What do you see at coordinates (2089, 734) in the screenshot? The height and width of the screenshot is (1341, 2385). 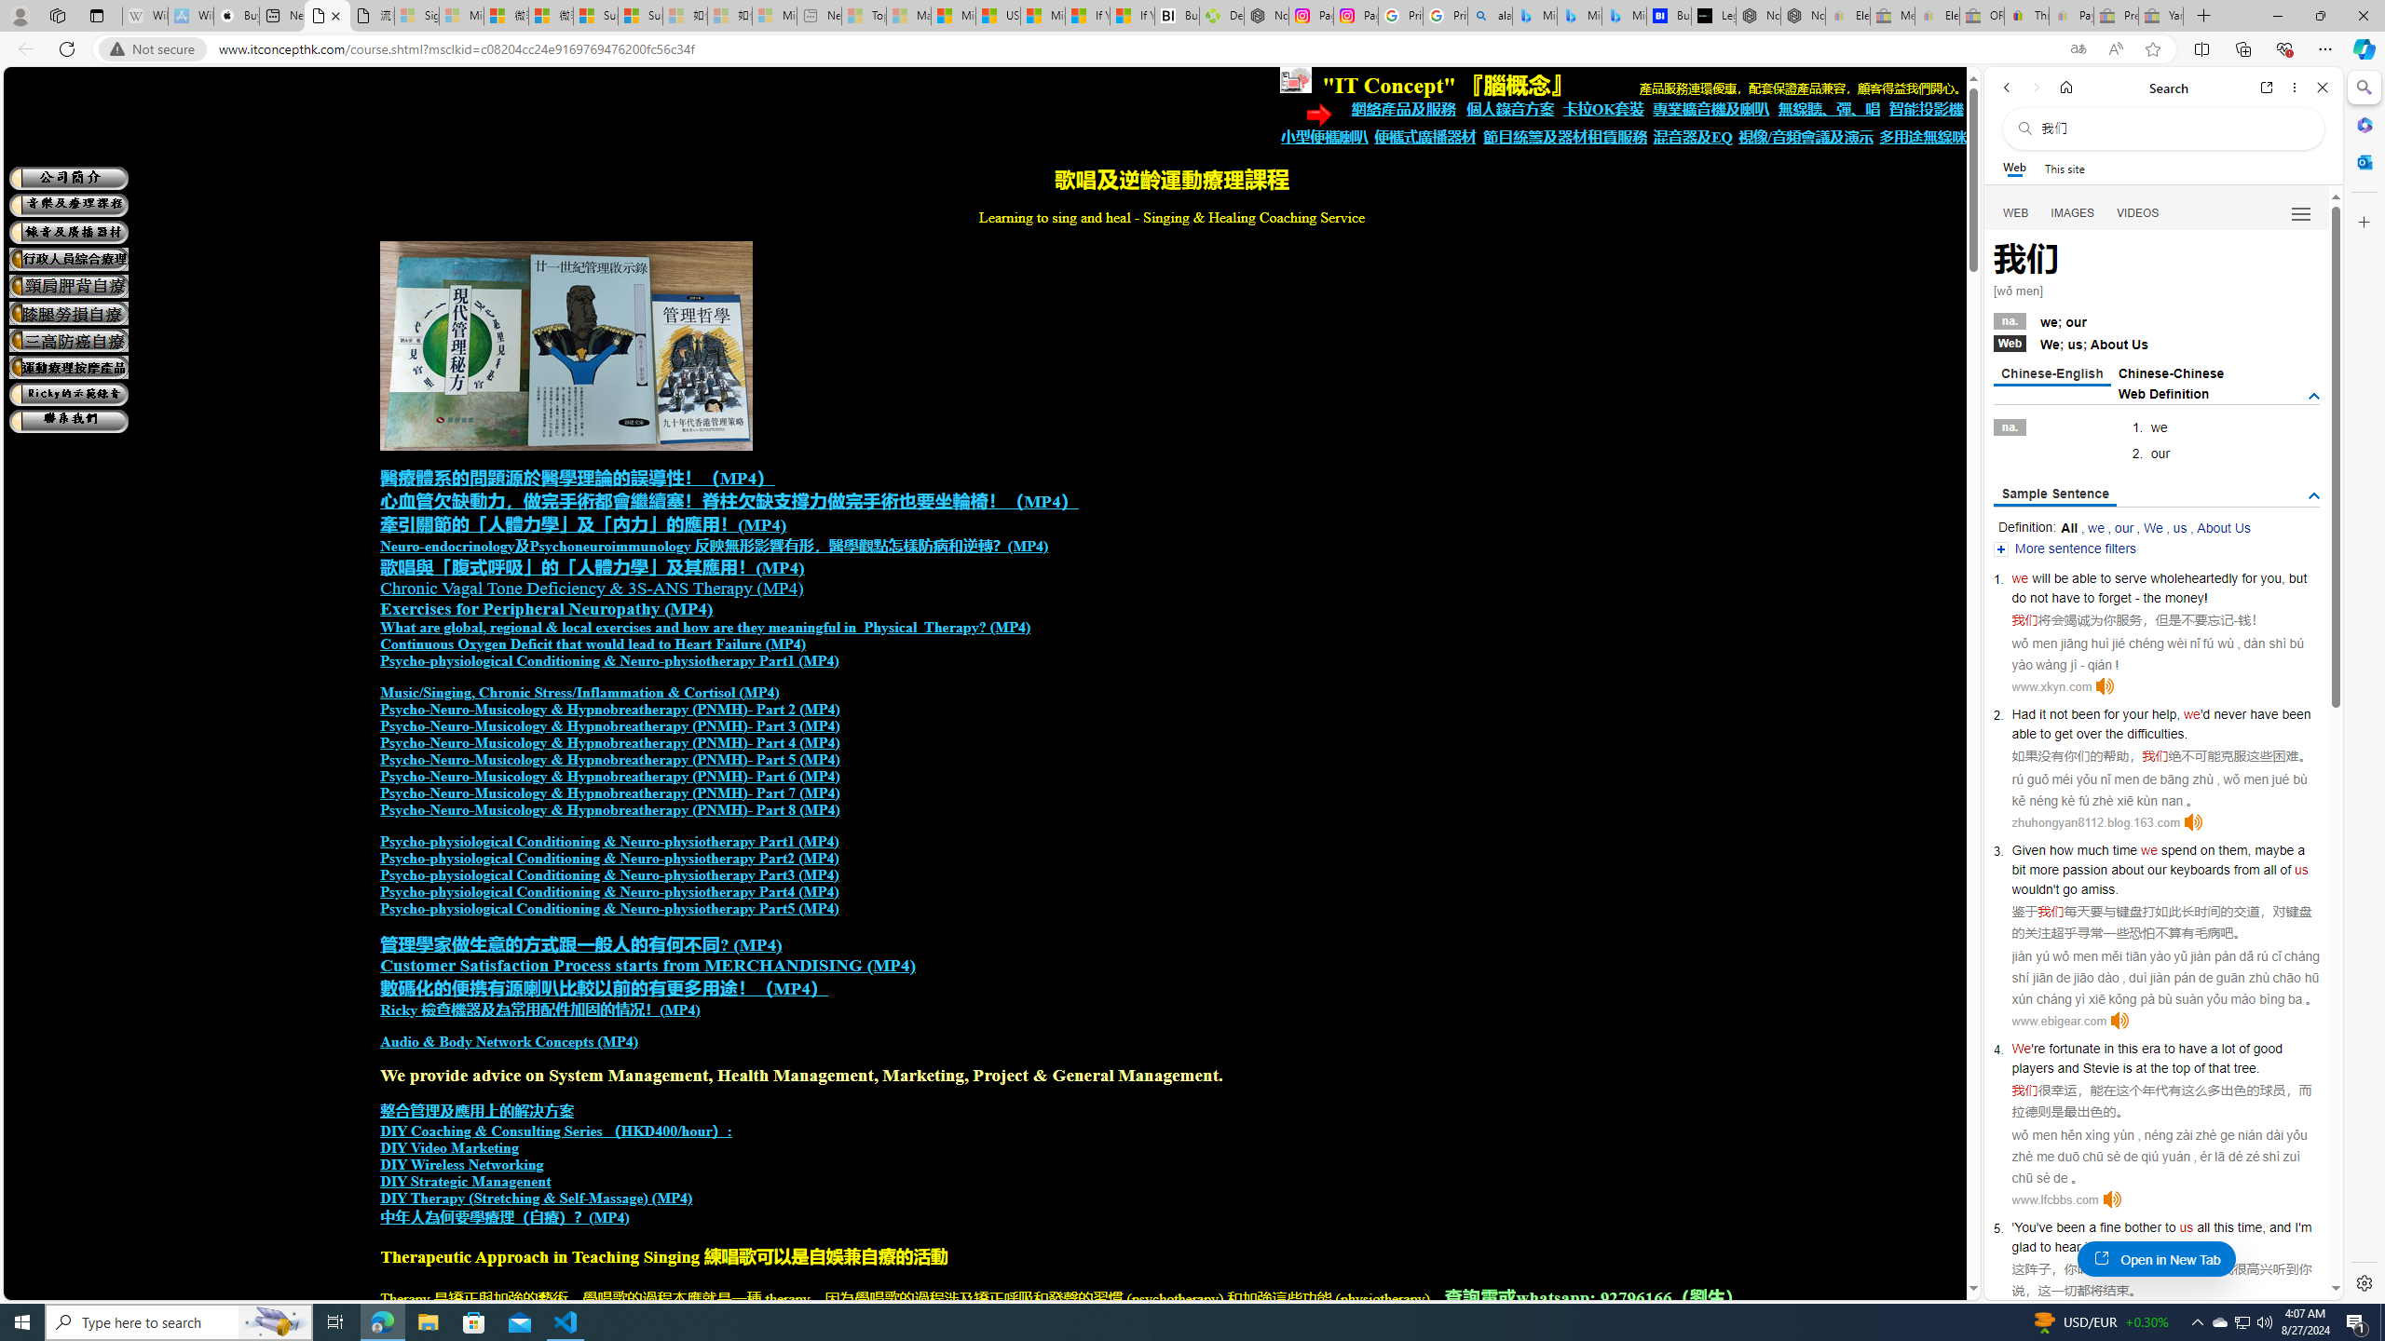 I see `'over'` at bounding box center [2089, 734].